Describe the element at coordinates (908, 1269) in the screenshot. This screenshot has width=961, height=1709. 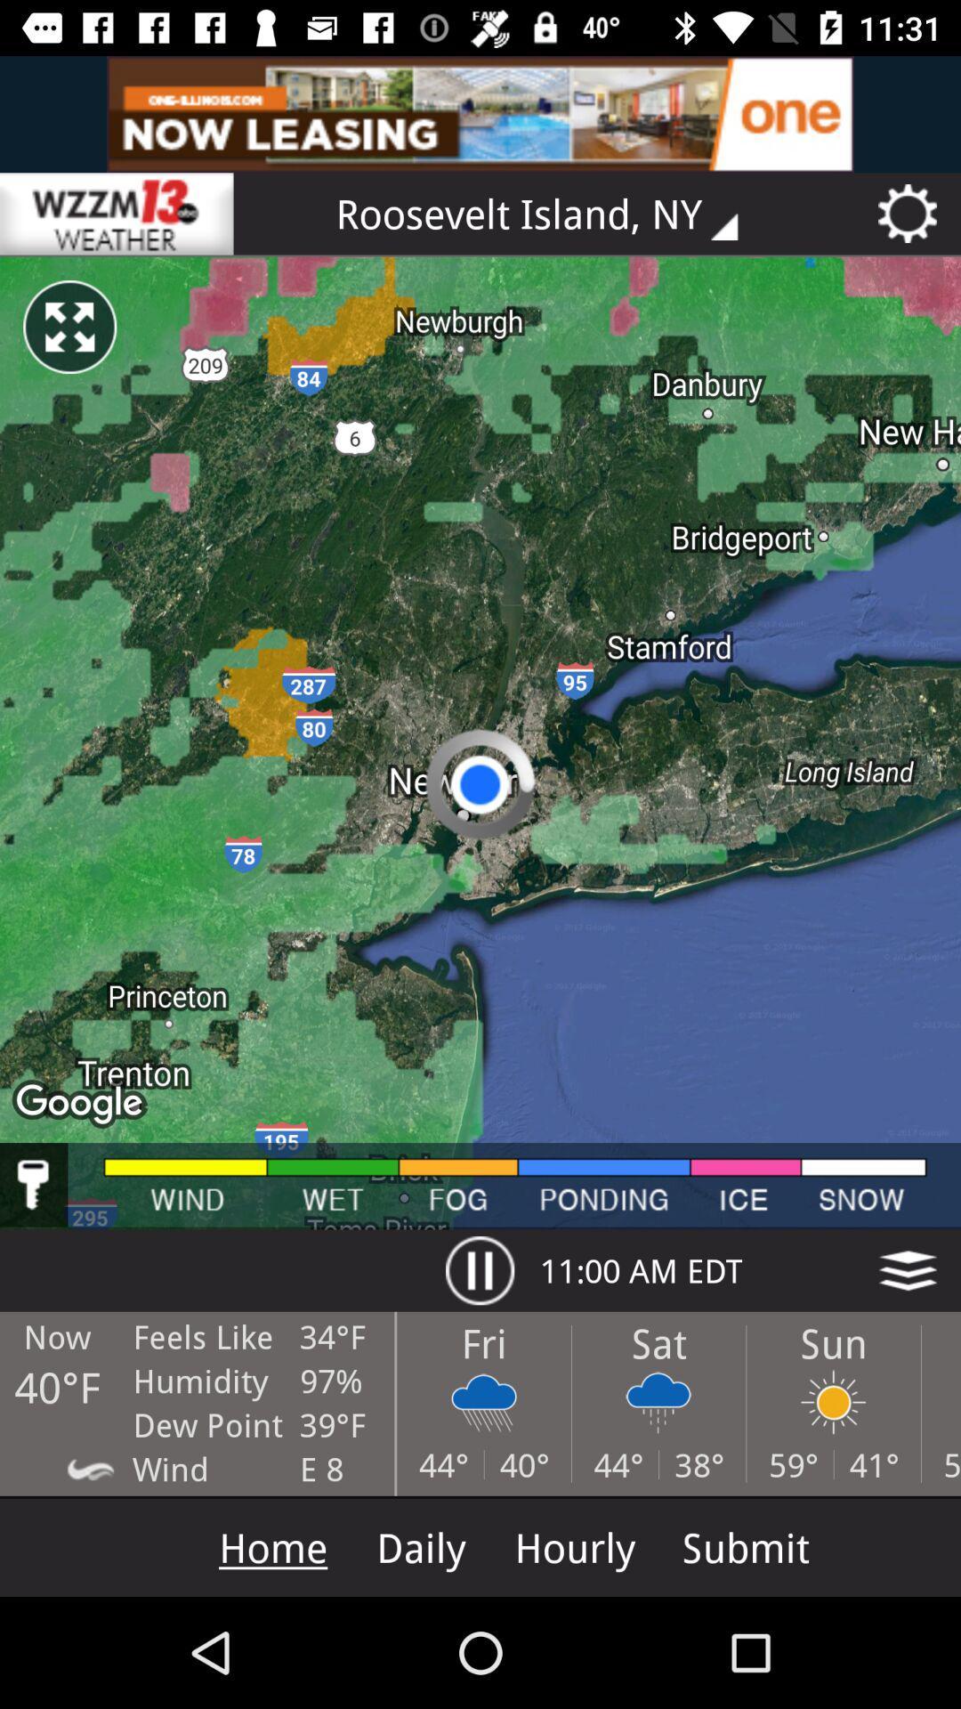
I see `the layers icon` at that location.